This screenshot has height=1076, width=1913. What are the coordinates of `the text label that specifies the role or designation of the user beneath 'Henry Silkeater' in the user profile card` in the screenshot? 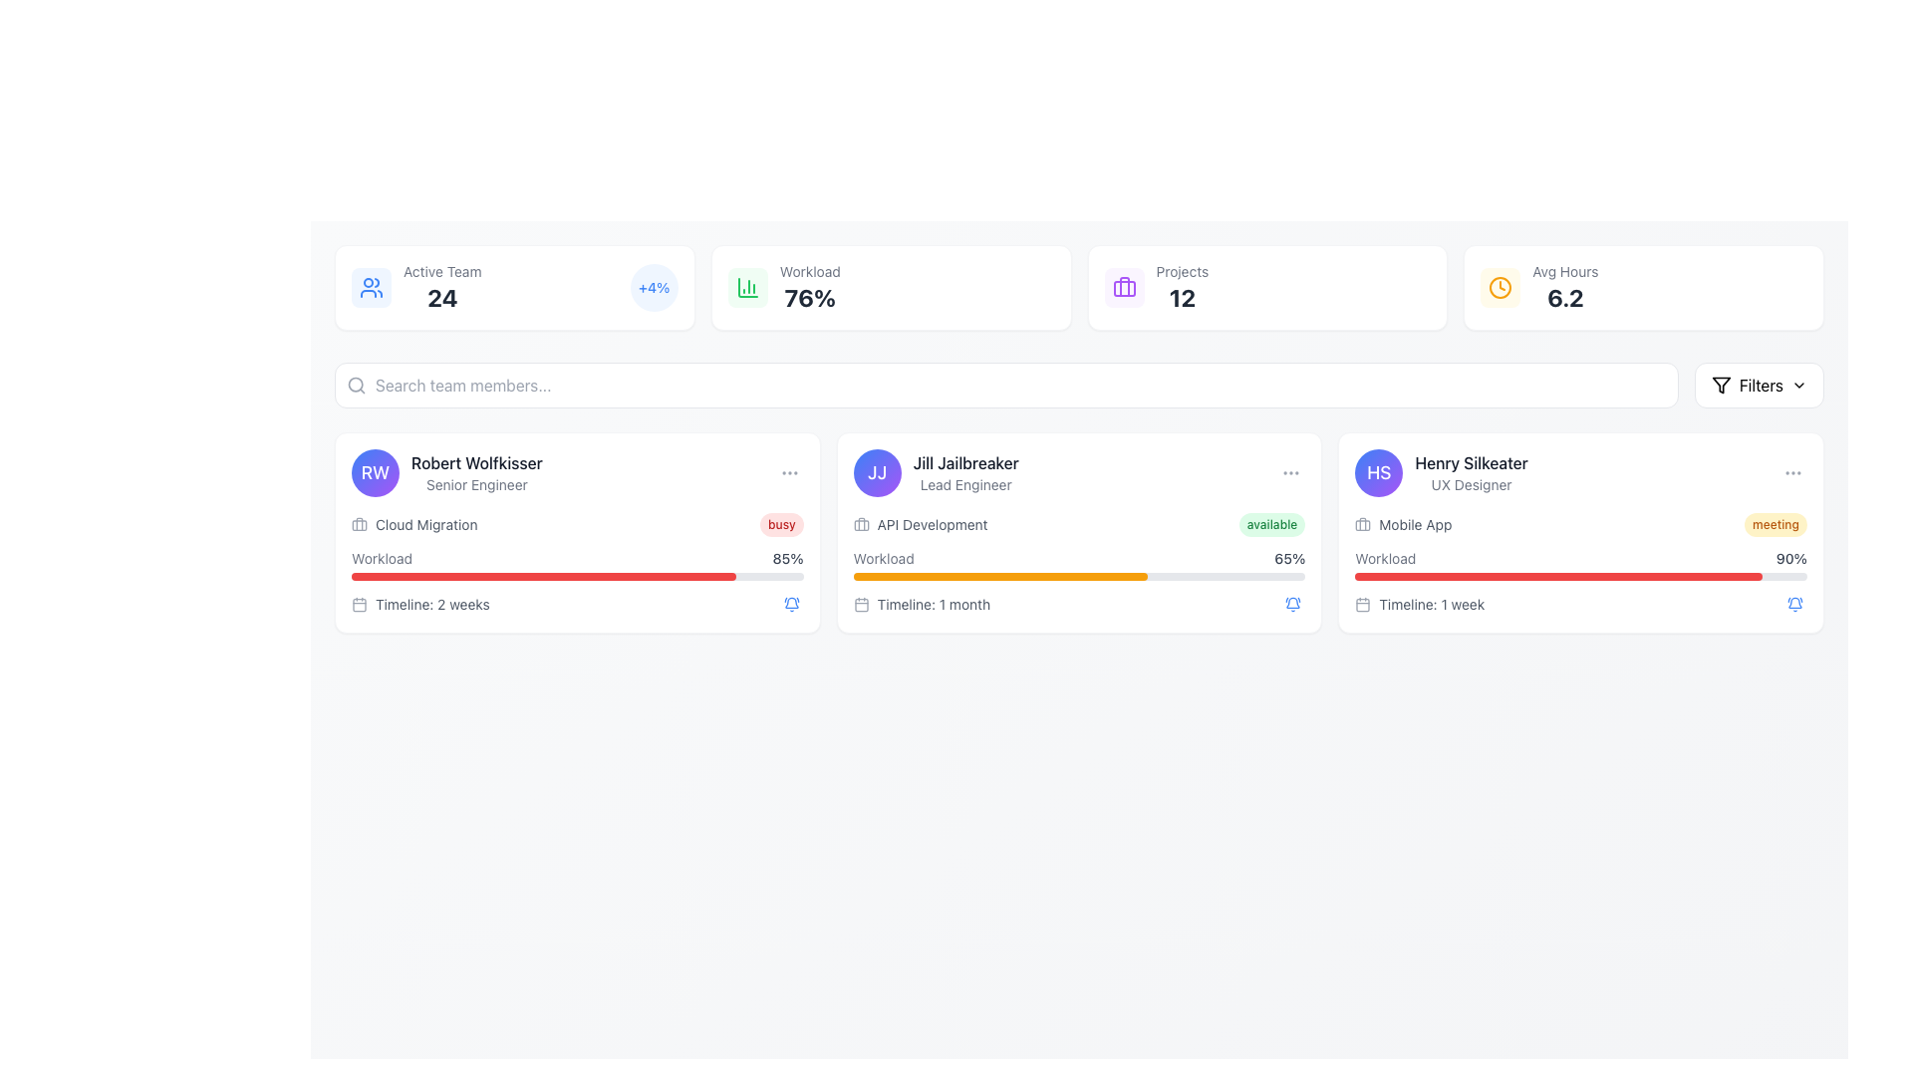 It's located at (1472, 484).